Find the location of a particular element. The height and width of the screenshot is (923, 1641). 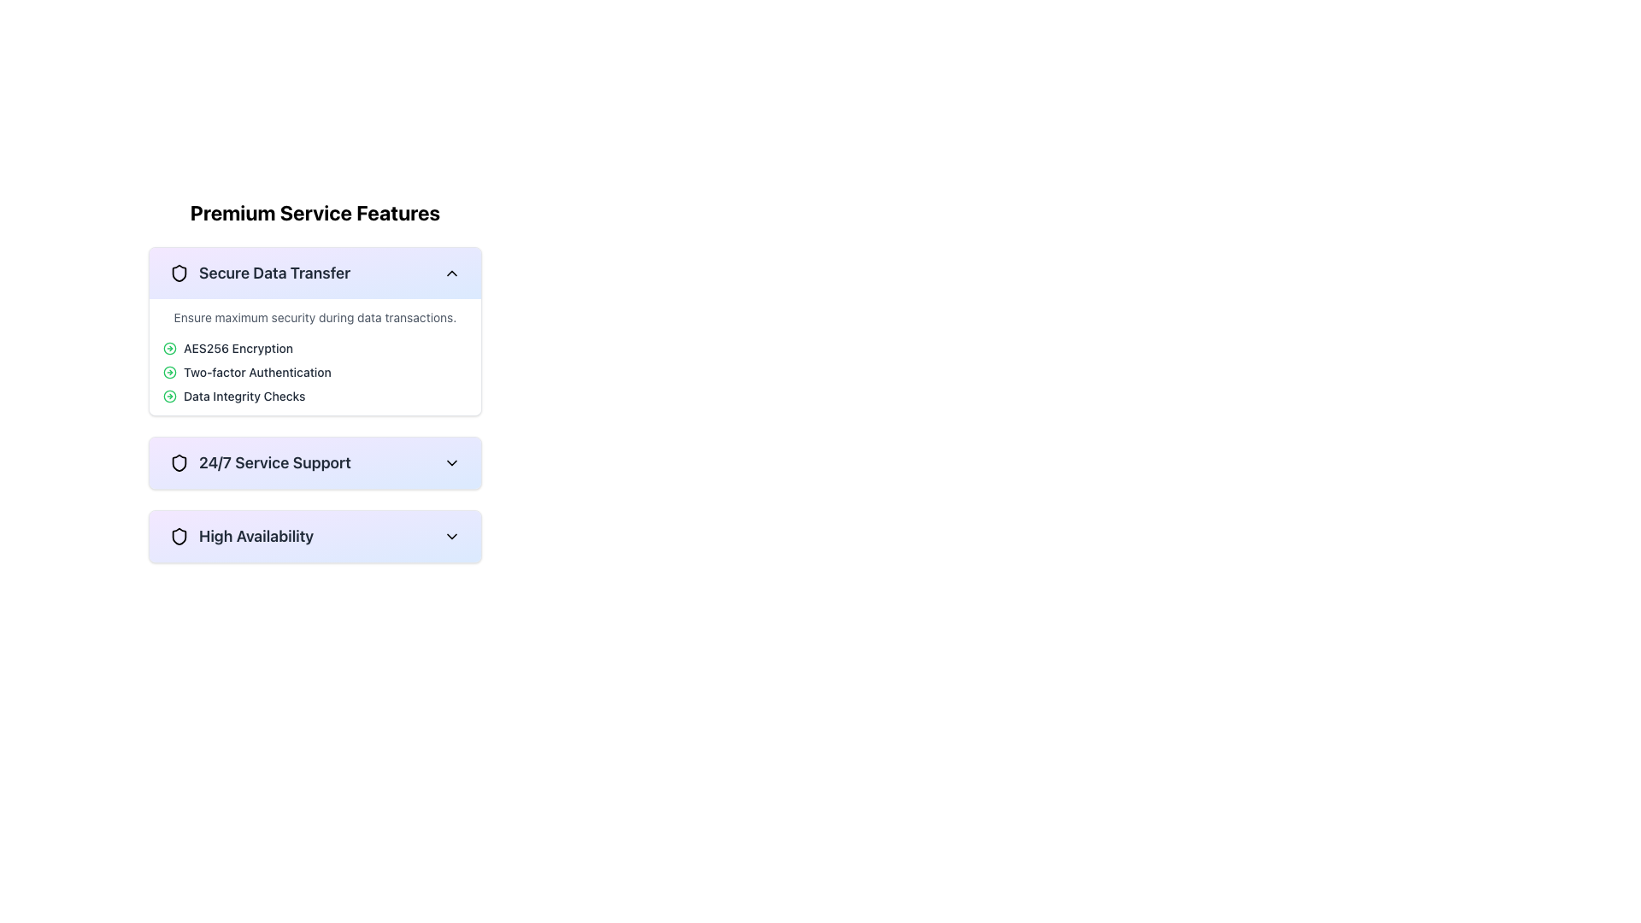

Informational Text that provides a description of secure data transfer features, located under the 'Secure Data Transfer' header is located at coordinates (315, 317).